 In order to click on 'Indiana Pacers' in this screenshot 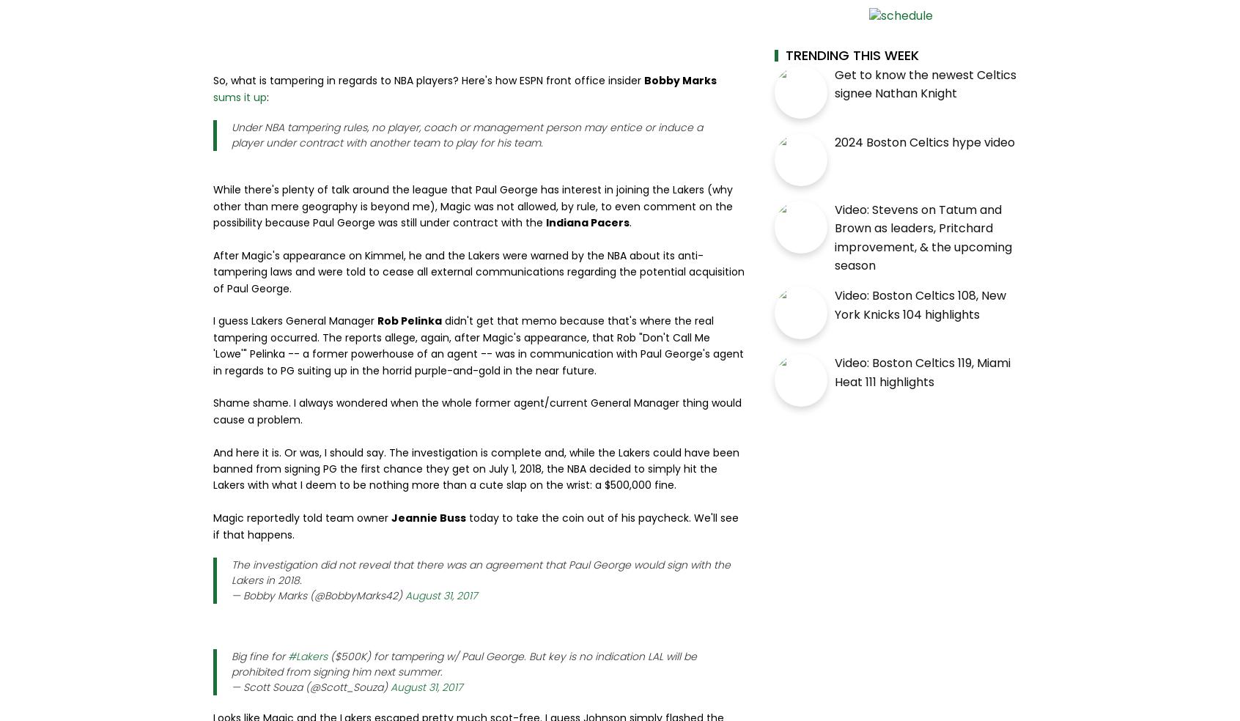, I will do `click(588, 221)`.